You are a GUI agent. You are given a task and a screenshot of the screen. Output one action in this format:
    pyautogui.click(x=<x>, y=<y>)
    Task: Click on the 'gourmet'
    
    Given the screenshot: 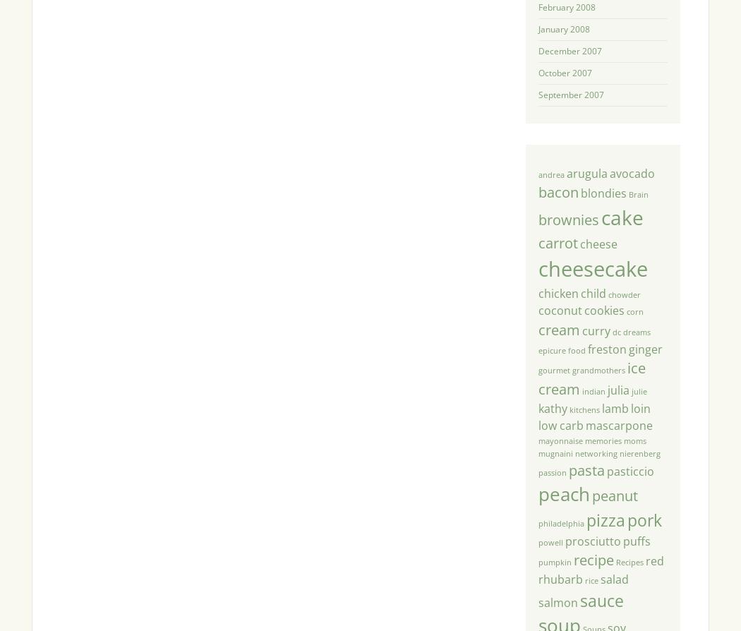 What is the action you would take?
    pyautogui.click(x=537, y=370)
    